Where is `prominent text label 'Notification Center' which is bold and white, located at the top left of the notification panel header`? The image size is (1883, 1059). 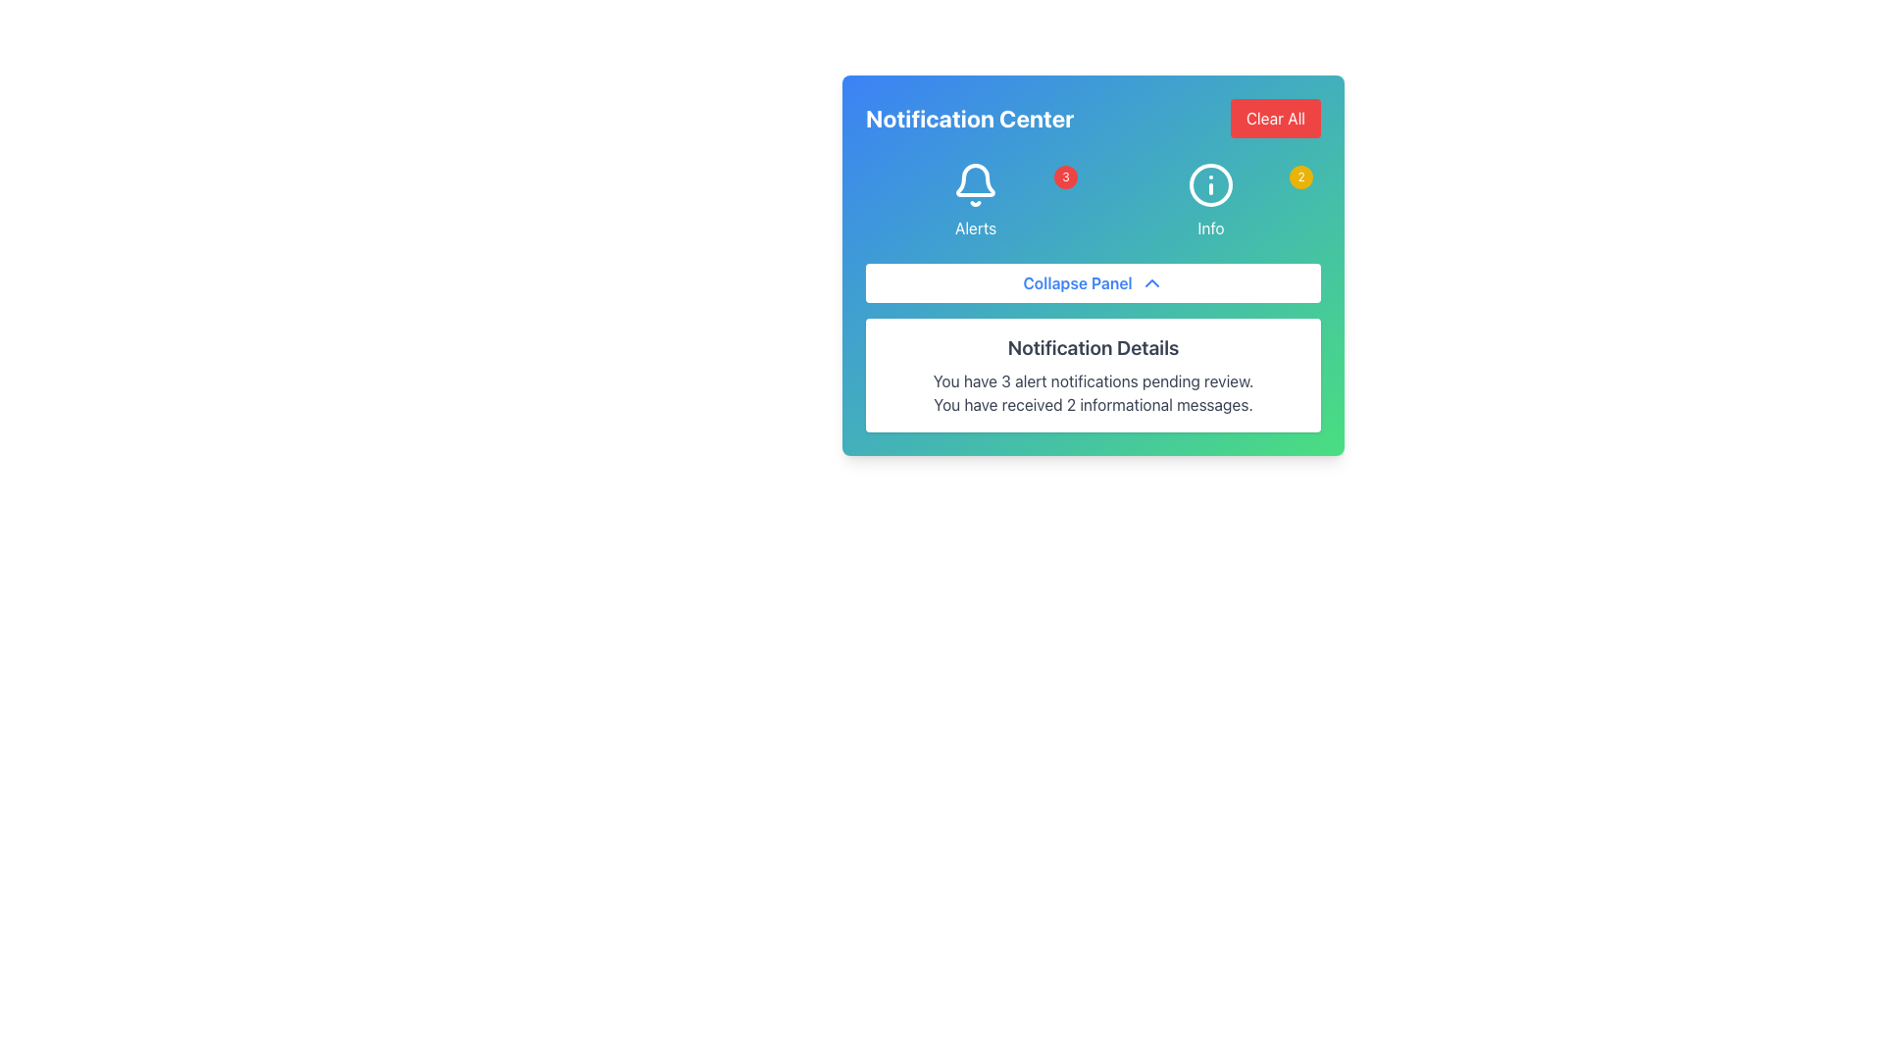 prominent text label 'Notification Center' which is bold and white, located at the top left of the notification panel header is located at coordinates (970, 118).